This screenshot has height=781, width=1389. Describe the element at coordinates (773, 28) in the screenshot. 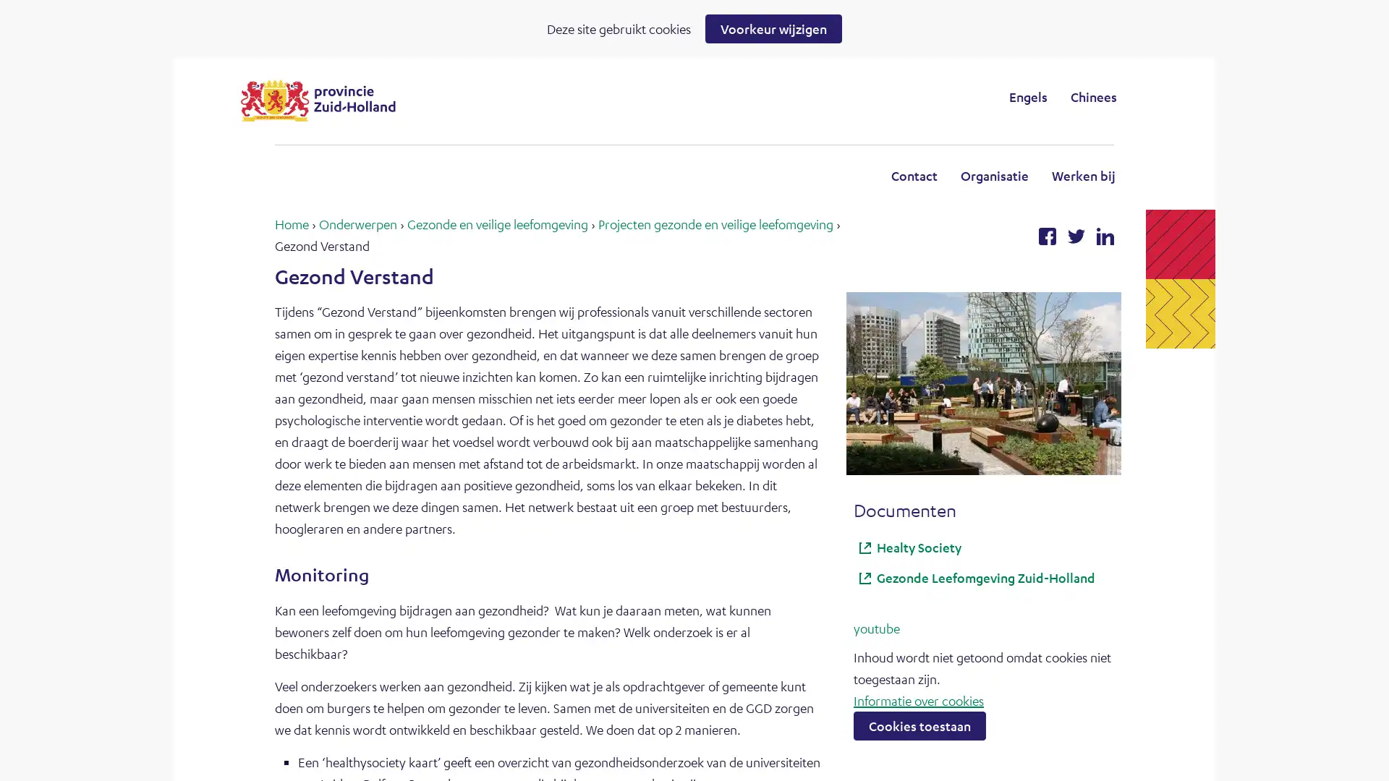

I see `Voorkeur wijzigen` at that location.